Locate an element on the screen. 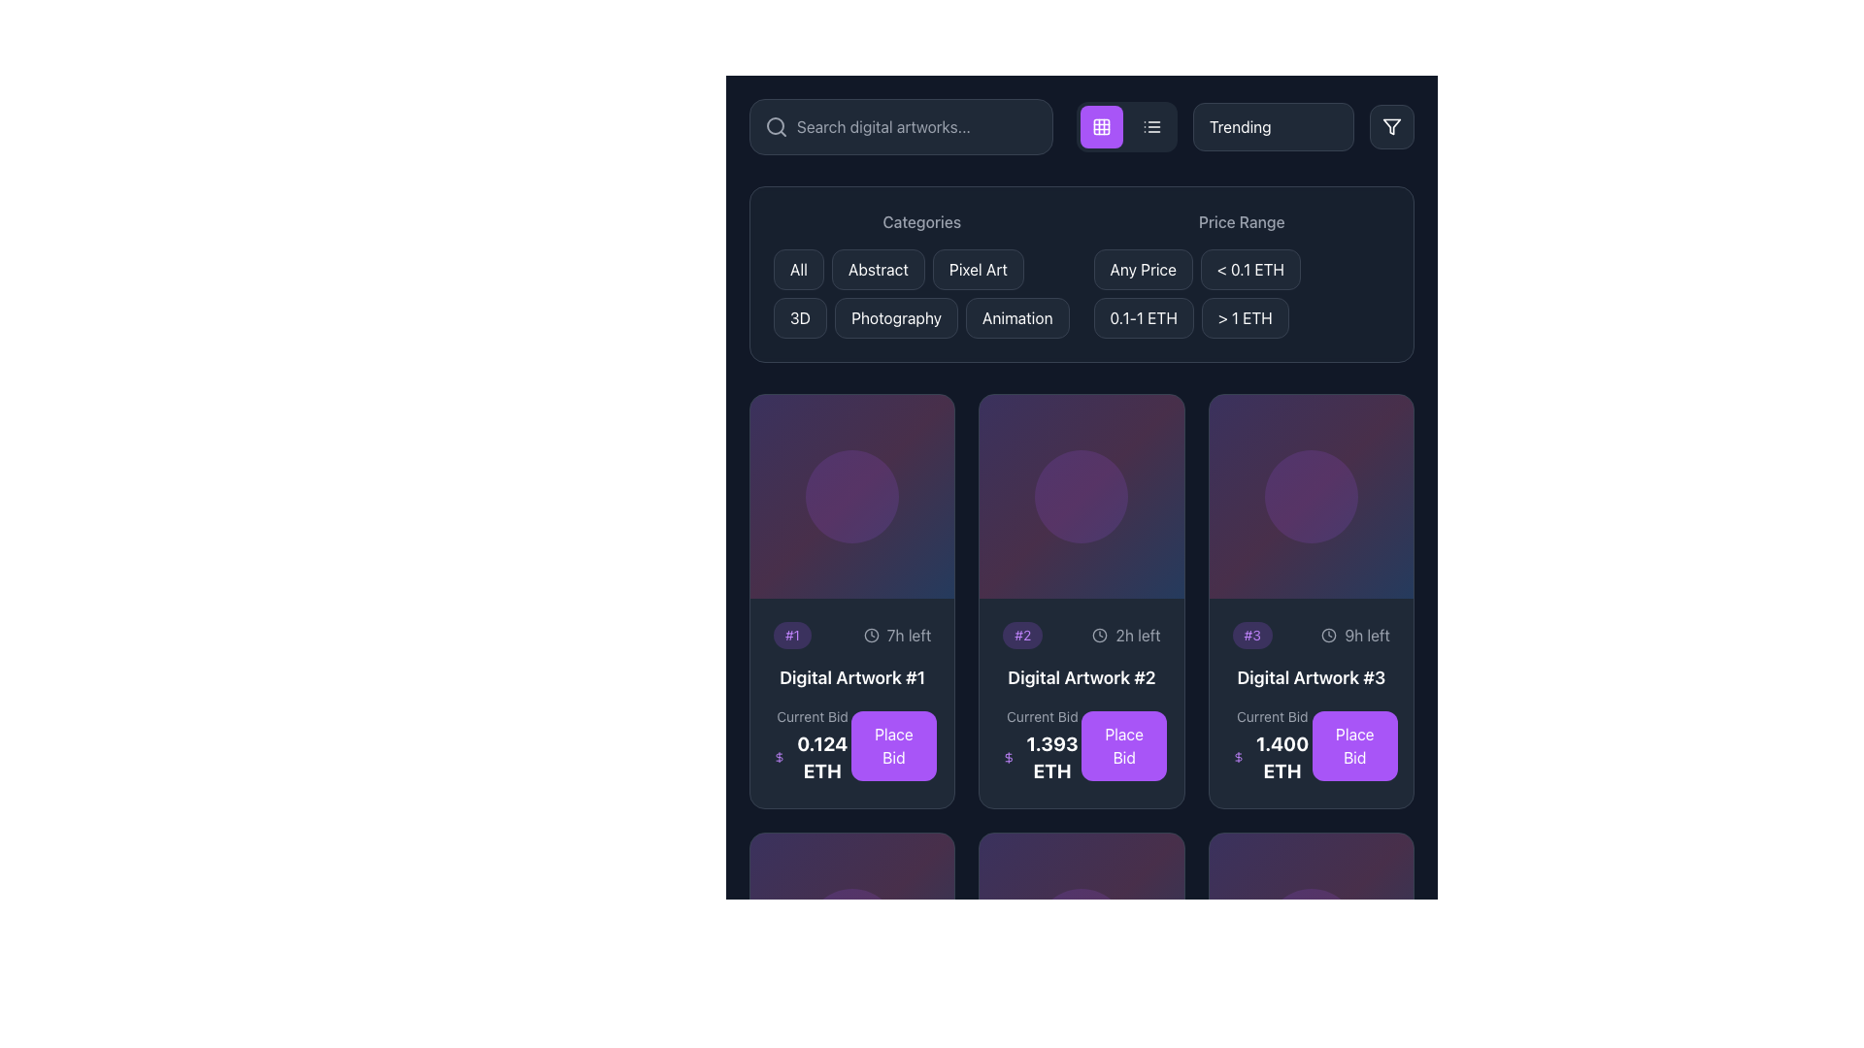 The height and width of the screenshot is (1048, 1864). the square-shaped button with rounded edges, styled with a dark gray background and a white filter icon, located in the upper right corner of the navigation bar is located at coordinates (1391, 127).